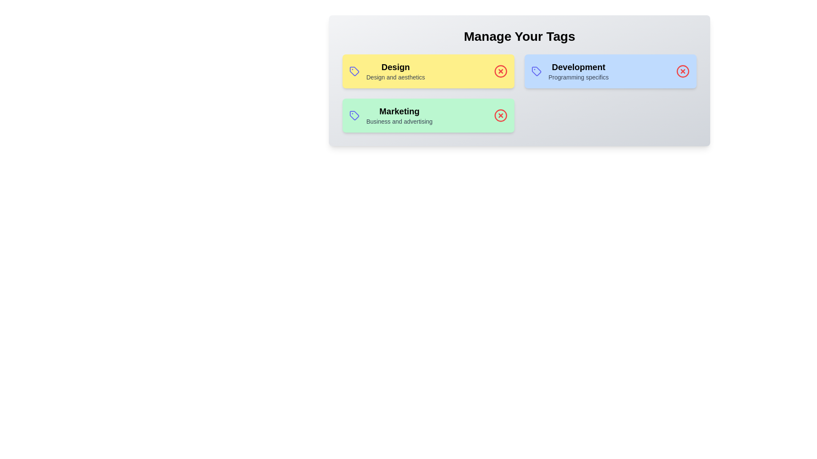  Describe the element at coordinates (683, 71) in the screenshot. I see `the delete icon for the tag labeled Development` at that location.